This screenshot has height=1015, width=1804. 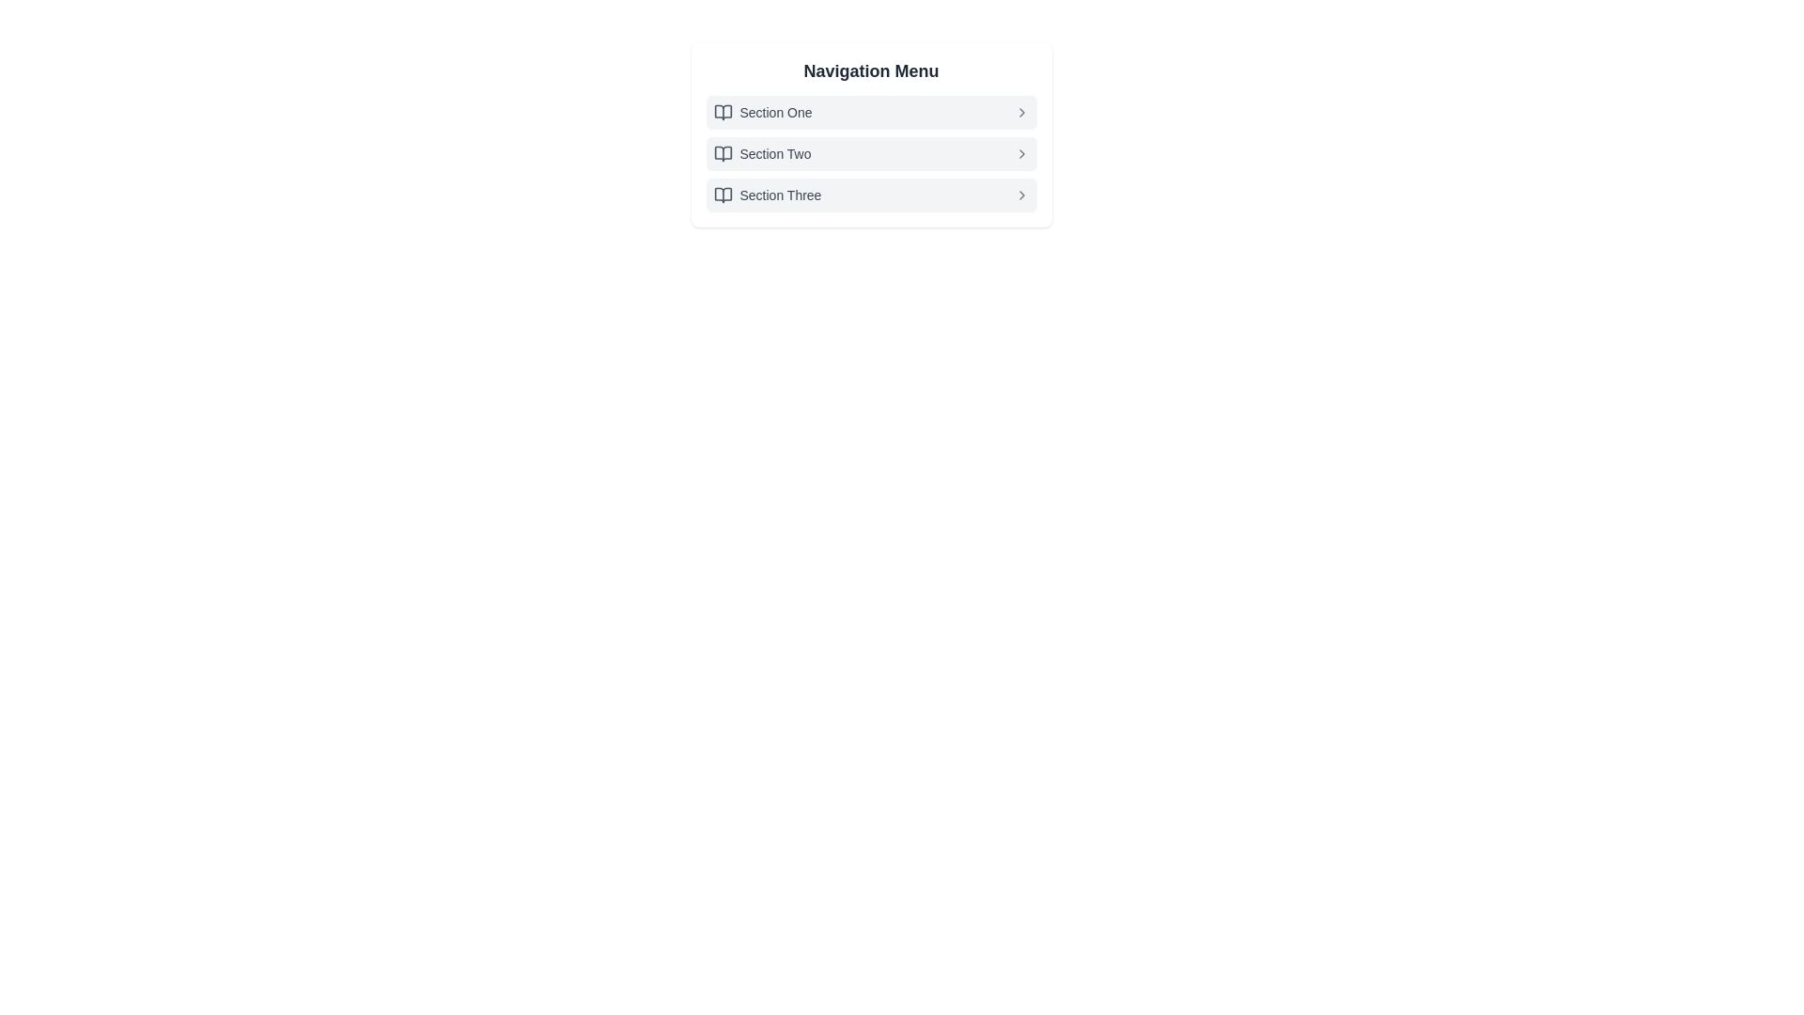 I want to click on the text link labeled 'Section One' in the navigation menu, so click(x=775, y=112).